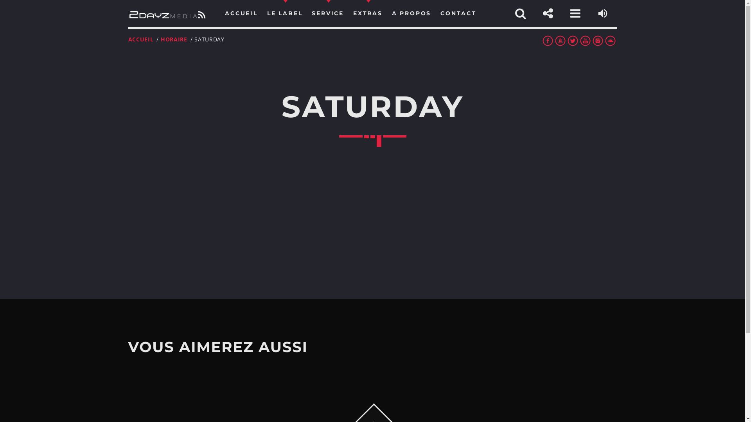 The height and width of the screenshot is (422, 751). Describe the element at coordinates (174, 39) in the screenshot. I see `'HORAIRE'` at that location.